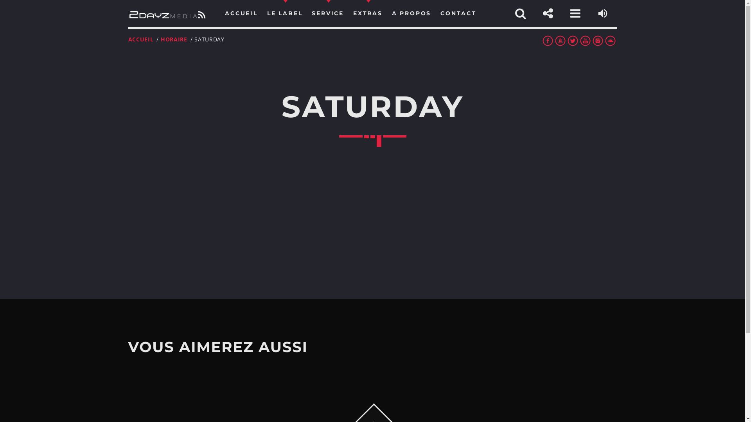 The height and width of the screenshot is (422, 751). Describe the element at coordinates (174, 39) in the screenshot. I see `'HORAIRE'` at that location.